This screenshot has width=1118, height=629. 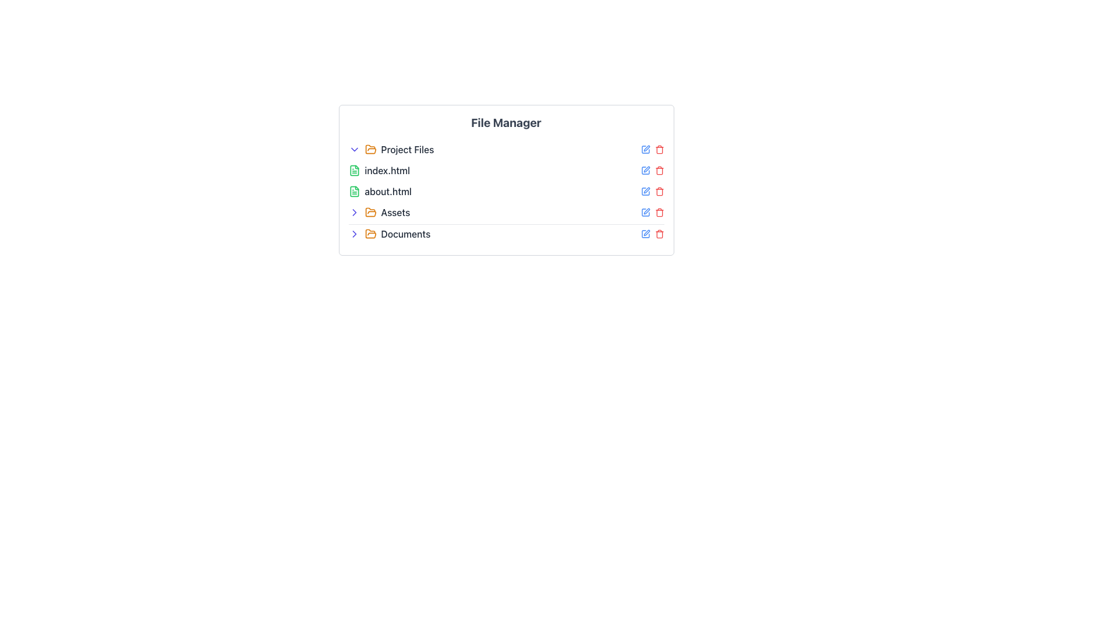 What do you see at coordinates (646, 211) in the screenshot?
I see `the pen icon within the delete action row for the 'Assets' file in the File Manager` at bounding box center [646, 211].